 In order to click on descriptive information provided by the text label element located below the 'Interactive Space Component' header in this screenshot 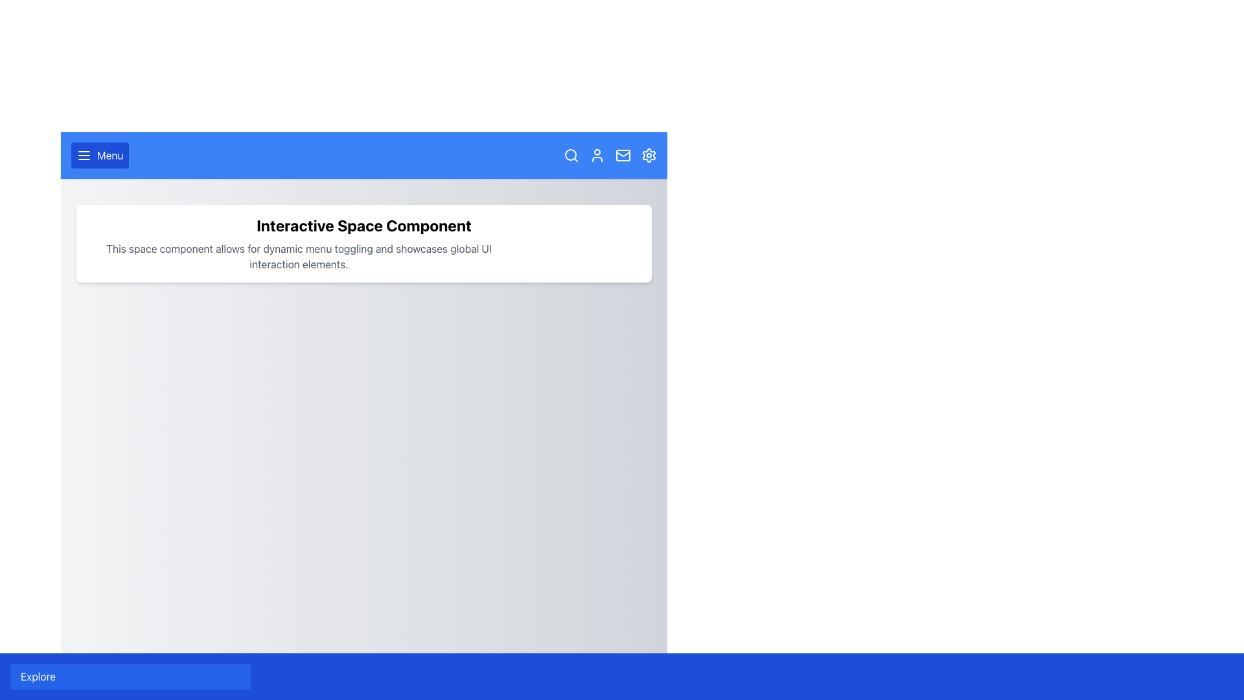, I will do `click(298, 257)`.